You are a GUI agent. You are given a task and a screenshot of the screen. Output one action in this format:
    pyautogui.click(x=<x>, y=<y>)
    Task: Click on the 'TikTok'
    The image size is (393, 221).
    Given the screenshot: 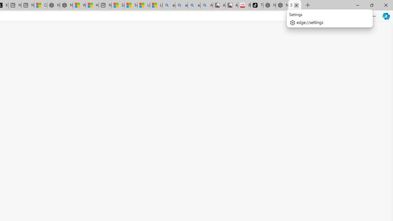 What is the action you would take?
    pyautogui.click(x=257, y=5)
    